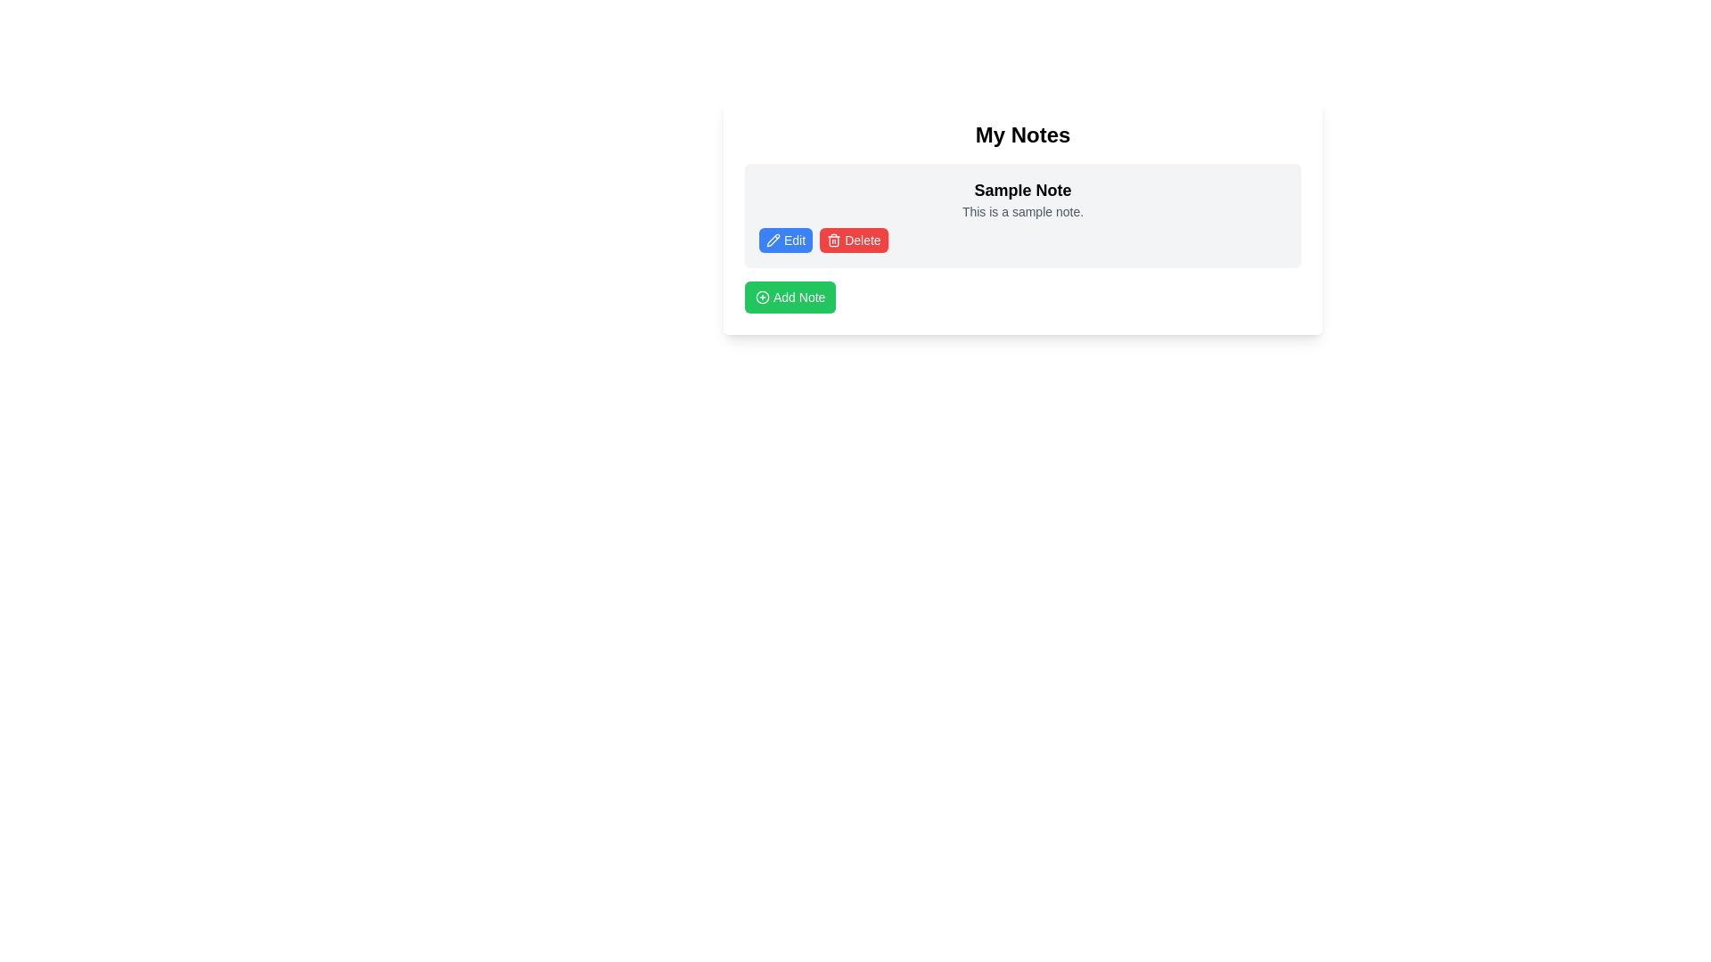 This screenshot has width=1711, height=962. I want to click on the outermost circular part of the 'Add Note' button's iconographic component, which is visually integrated into the button's design, so click(762, 297).